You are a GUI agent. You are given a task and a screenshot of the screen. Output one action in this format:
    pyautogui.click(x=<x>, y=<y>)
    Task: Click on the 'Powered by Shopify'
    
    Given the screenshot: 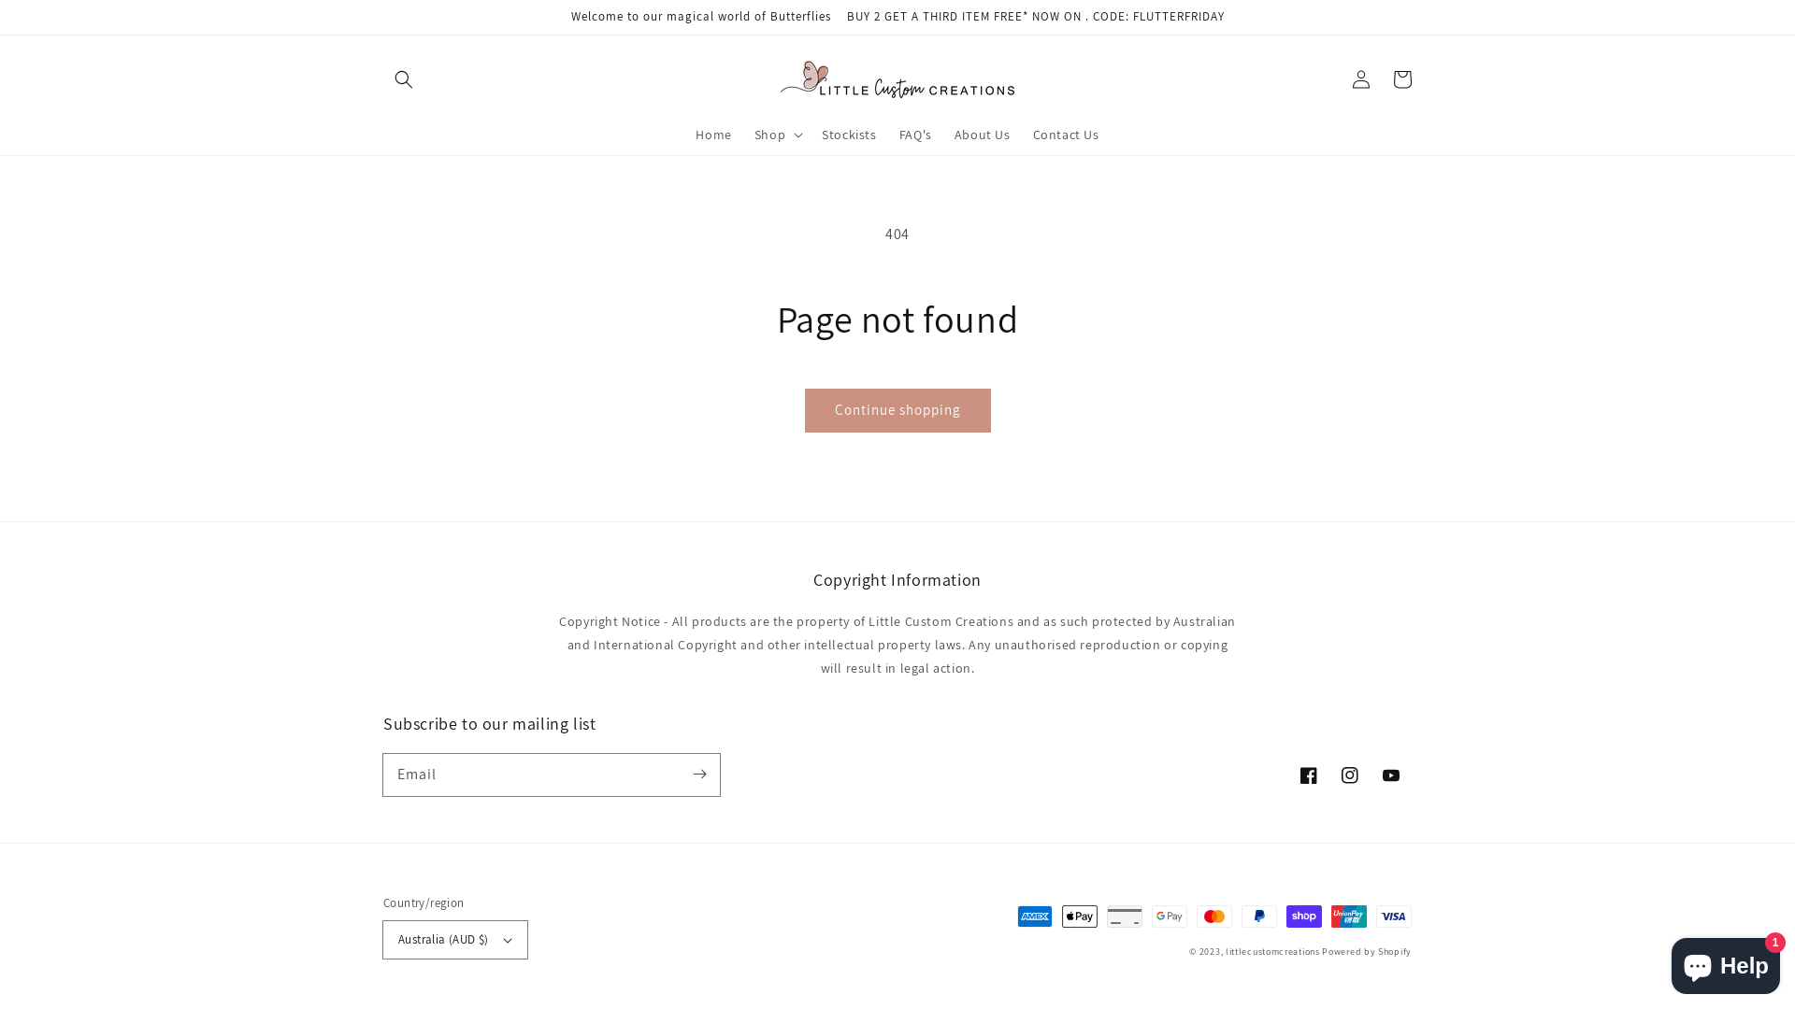 What is the action you would take?
    pyautogui.click(x=1321, y=951)
    